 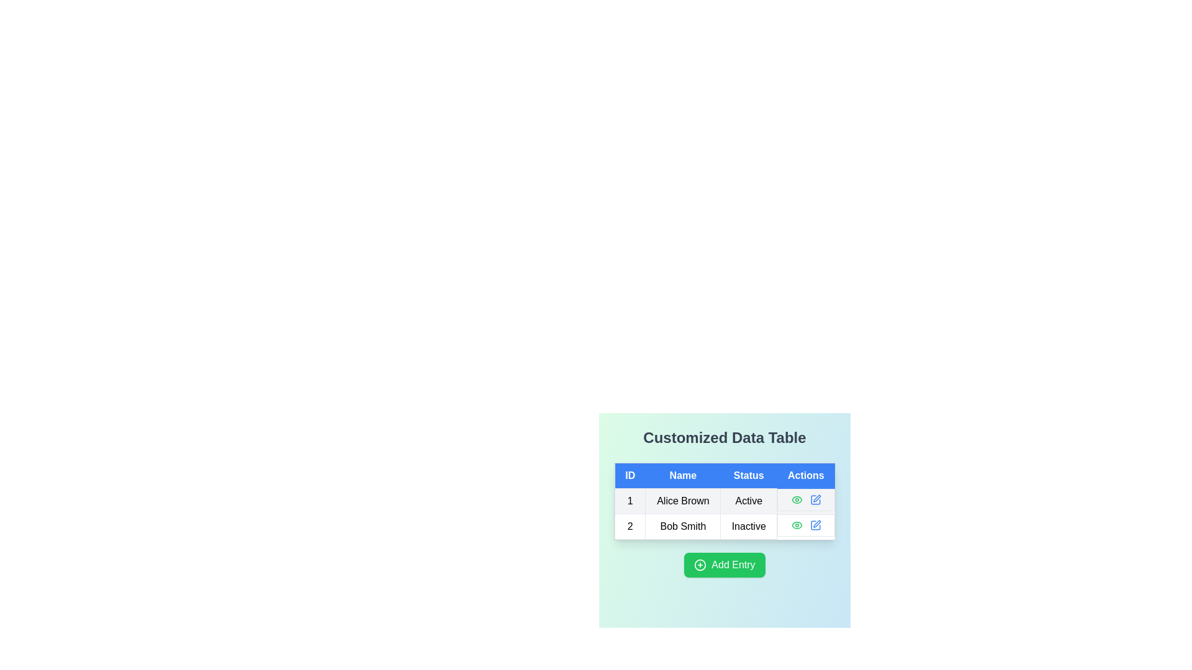 What do you see at coordinates (630, 526) in the screenshot?
I see `the rectangular text cell displaying '2' in the ID column of the table, which is in the second row and first column, styled with a white background and bordered` at bounding box center [630, 526].